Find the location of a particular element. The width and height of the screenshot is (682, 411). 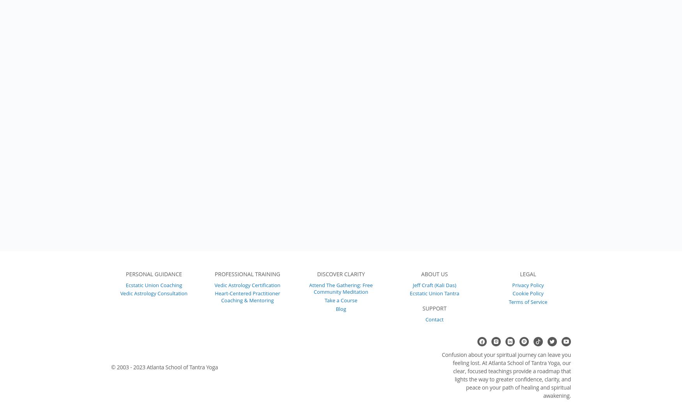

'LEGAL' is located at coordinates (528, 273).